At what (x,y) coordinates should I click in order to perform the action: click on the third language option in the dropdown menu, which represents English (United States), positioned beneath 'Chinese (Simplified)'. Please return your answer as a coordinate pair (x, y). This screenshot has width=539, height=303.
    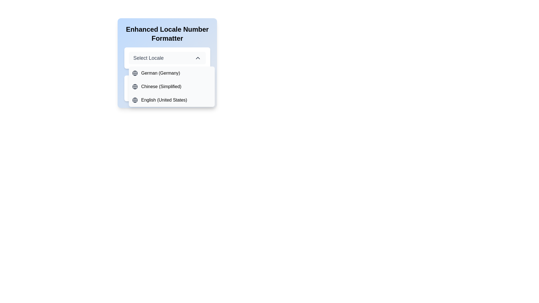
    Looking at the image, I should click on (164, 100).